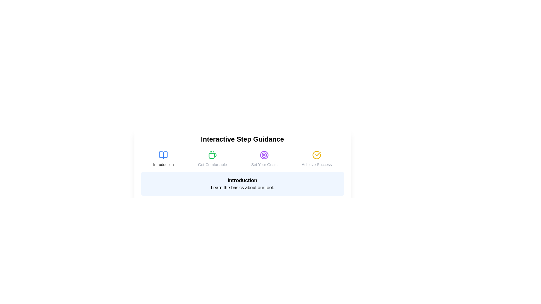 The image size is (541, 304). Describe the element at coordinates (163, 155) in the screenshot. I see `the blue open book icon located in the introduction section to initiate the associated action` at that location.